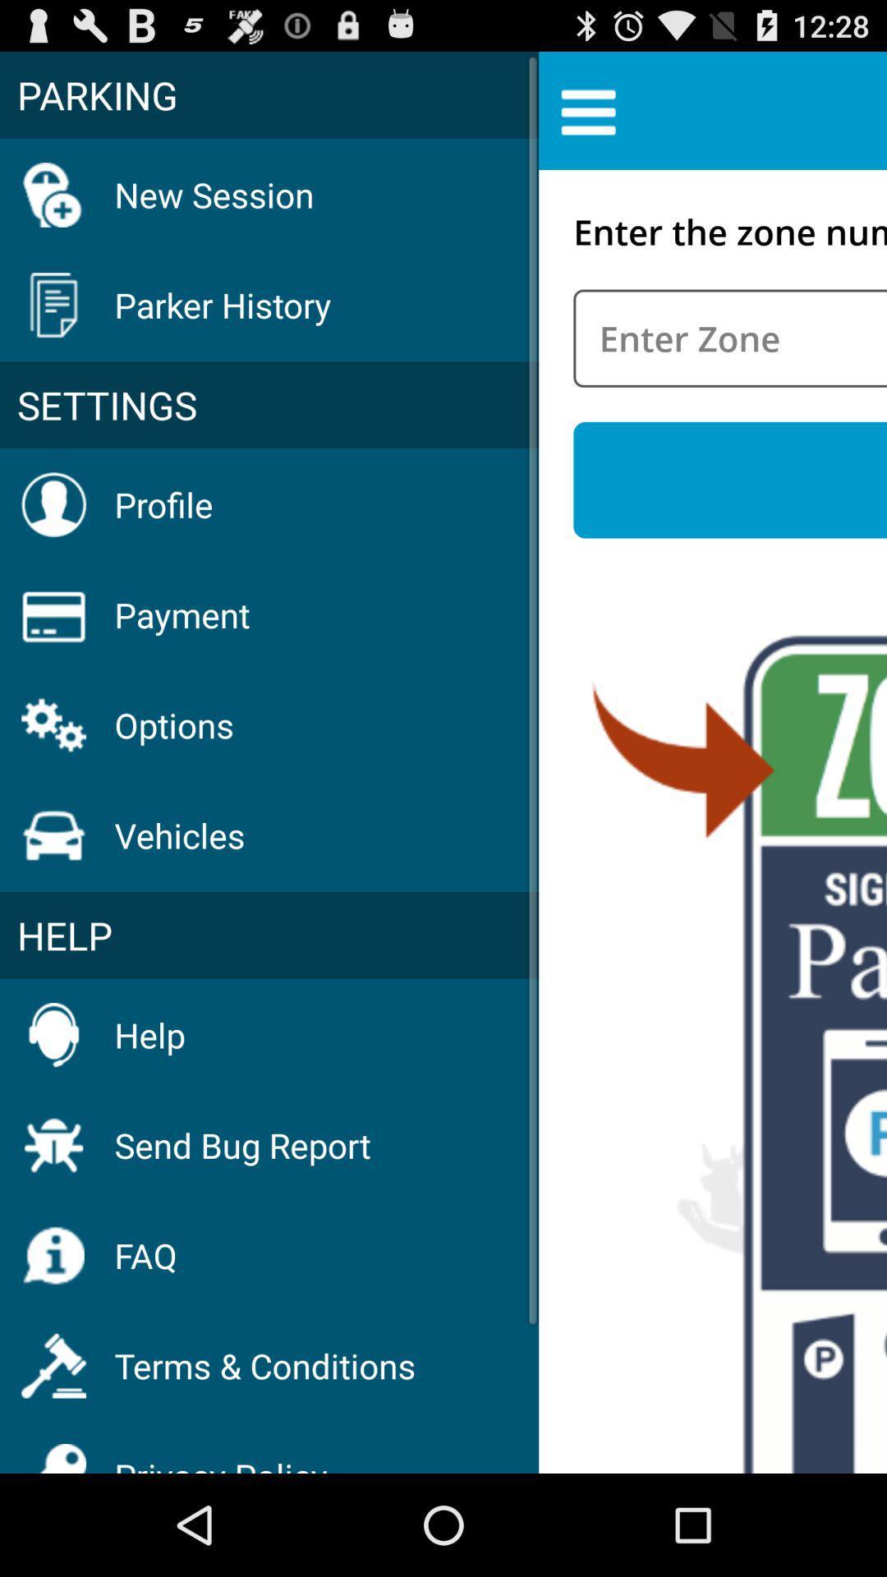 Image resolution: width=887 pixels, height=1577 pixels. Describe the element at coordinates (264, 1365) in the screenshot. I see `the terms & conditions item` at that location.